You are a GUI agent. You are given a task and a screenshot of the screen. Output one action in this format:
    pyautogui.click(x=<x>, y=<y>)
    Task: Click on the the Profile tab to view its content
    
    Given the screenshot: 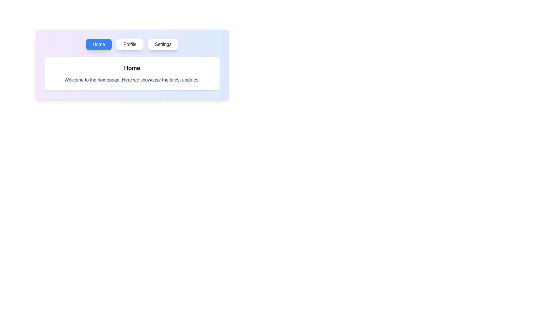 What is the action you would take?
    pyautogui.click(x=129, y=44)
    